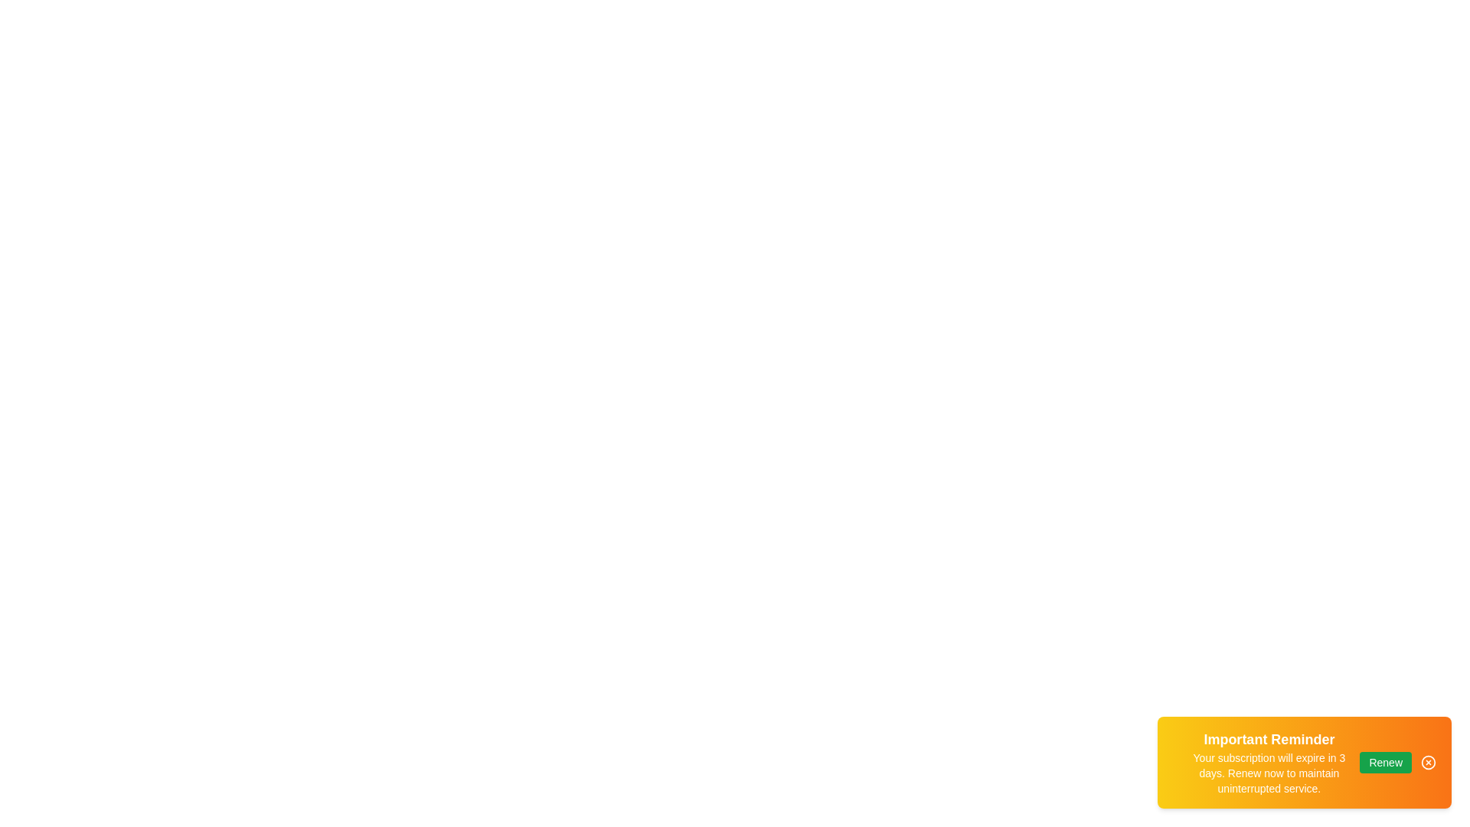 The height and width of the screenshot is (827, 1470). I want to click on close button to dismiss the notification, so click(1428, 762).